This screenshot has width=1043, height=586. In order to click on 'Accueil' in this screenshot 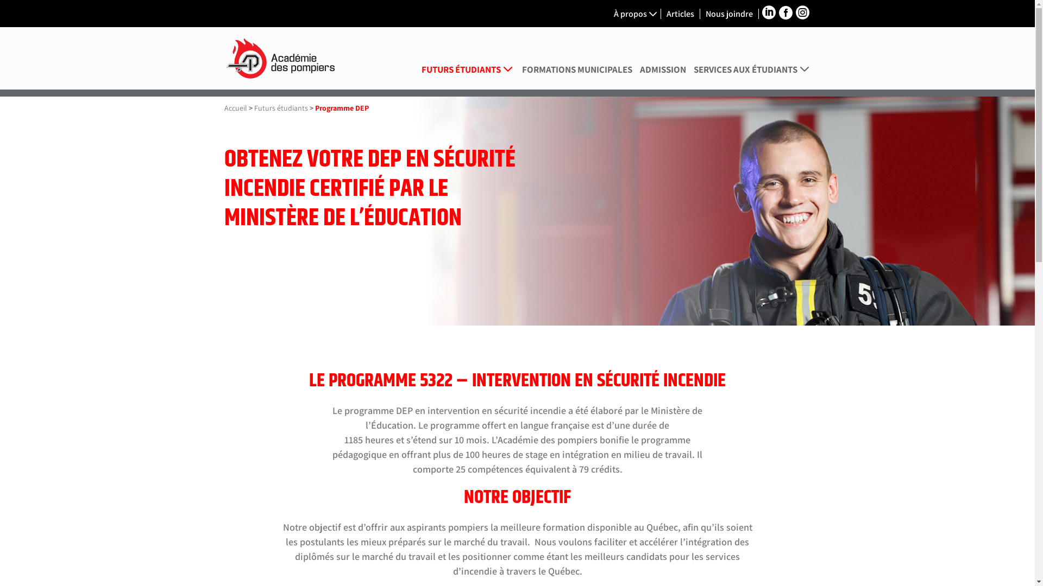, I will do `click(223, 108)`.